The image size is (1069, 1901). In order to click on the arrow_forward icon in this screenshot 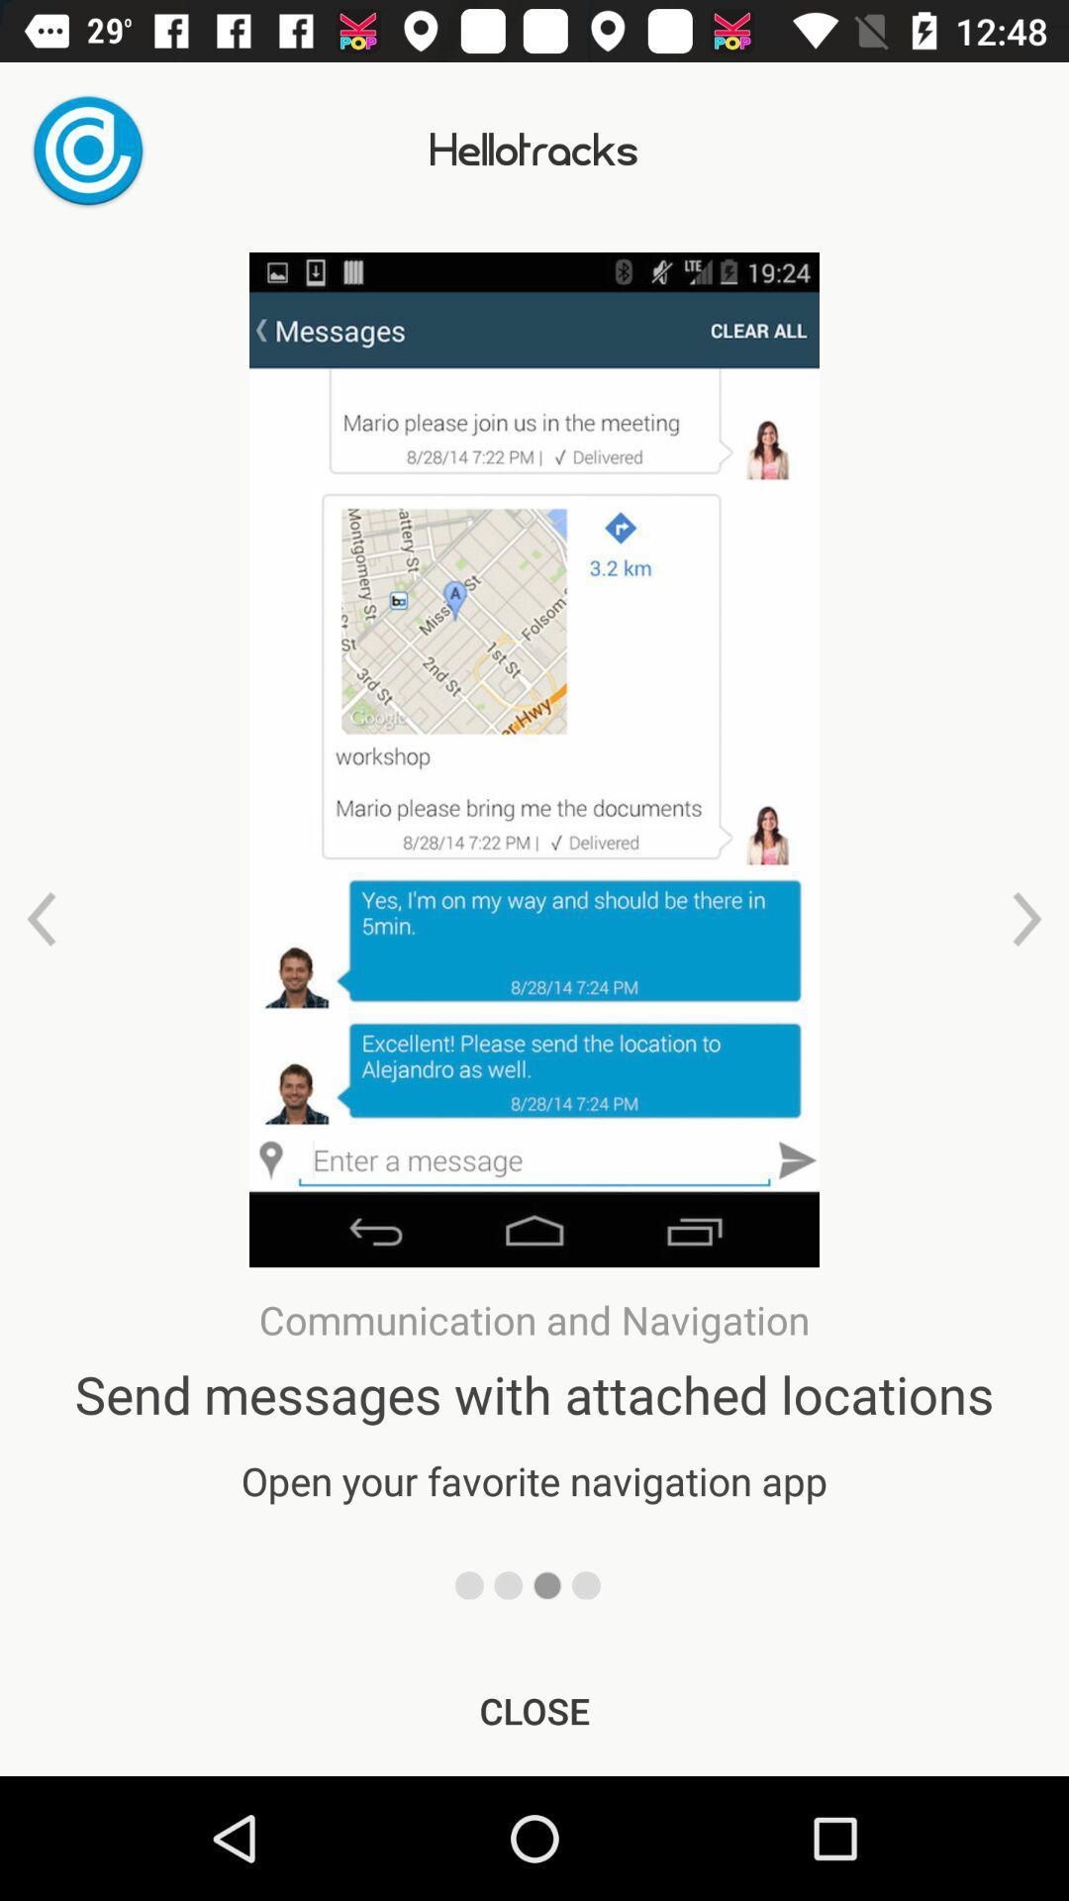, I will do `click(1025, 918)`.